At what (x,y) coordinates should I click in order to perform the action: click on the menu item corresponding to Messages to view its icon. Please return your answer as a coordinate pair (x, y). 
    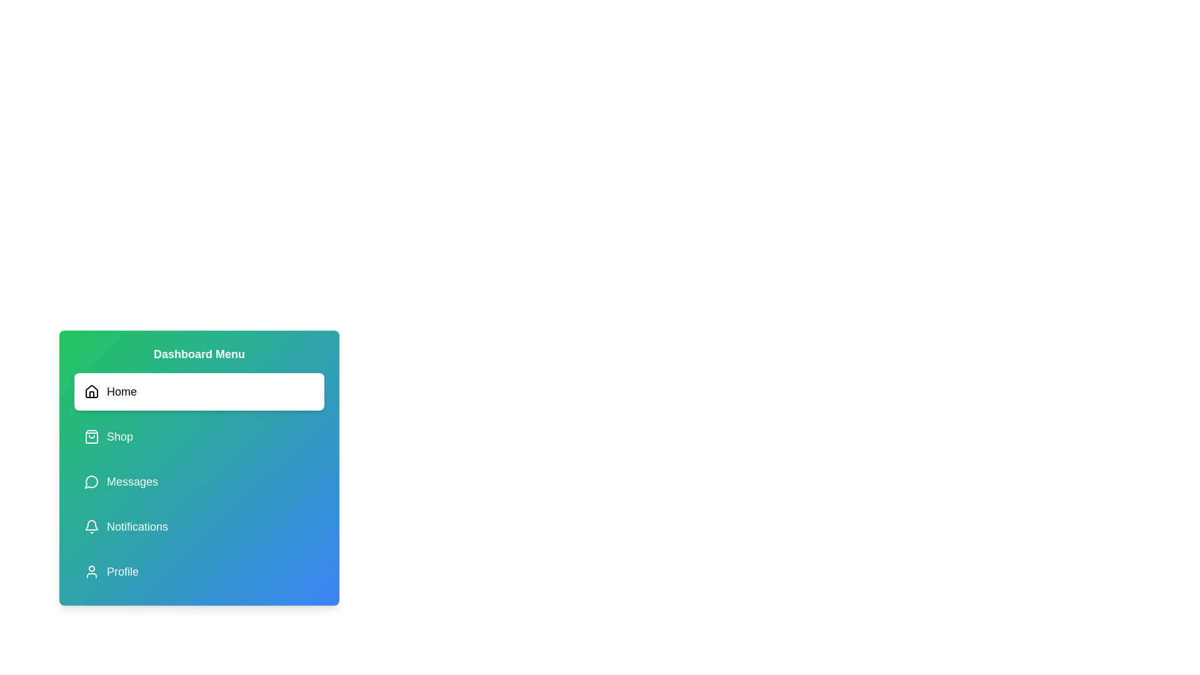
    Looking at the image, I should click on (198, 481).